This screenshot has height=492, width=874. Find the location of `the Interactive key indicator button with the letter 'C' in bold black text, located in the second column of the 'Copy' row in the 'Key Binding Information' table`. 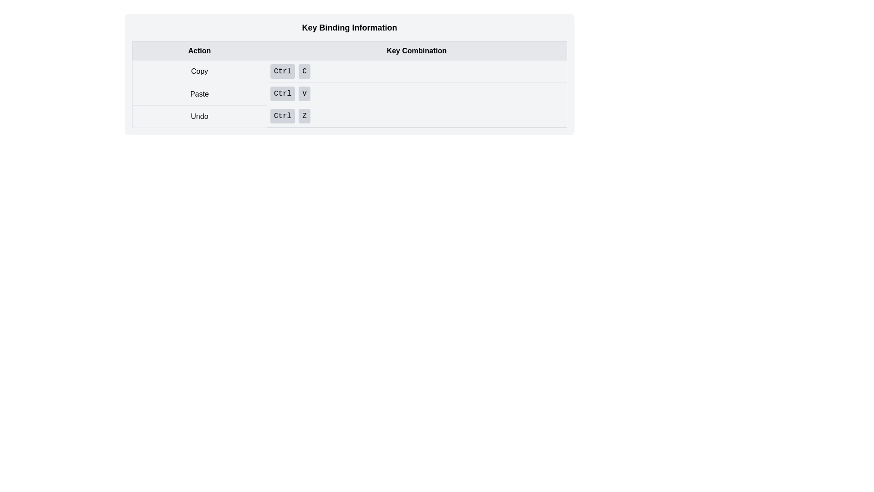

the Interactive key indicator button with the letter 'C' in bold black text, located in the second column of the 'Copy' row in the 'Key Binding Information' table is located at coordinates (304, 71).